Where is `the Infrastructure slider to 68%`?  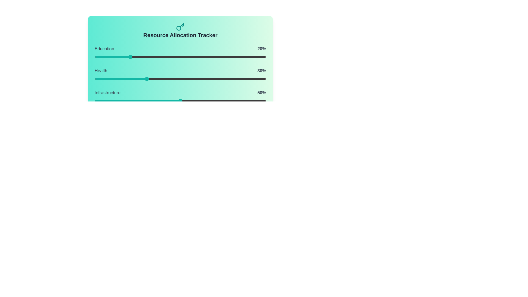
the Infrastructure slider to 68% is located at coordinates (211, 101).